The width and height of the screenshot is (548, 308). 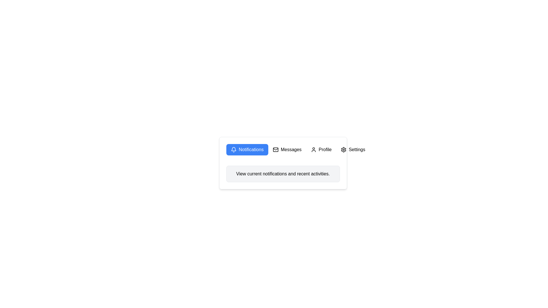 What do you see at coordinates (352, 149) in the screenshot?
I see `the 'Settings' button, which features a gear icon and black text on a white background, located at the far right of the horizontal menu bar` at bounding box center [352, 149].